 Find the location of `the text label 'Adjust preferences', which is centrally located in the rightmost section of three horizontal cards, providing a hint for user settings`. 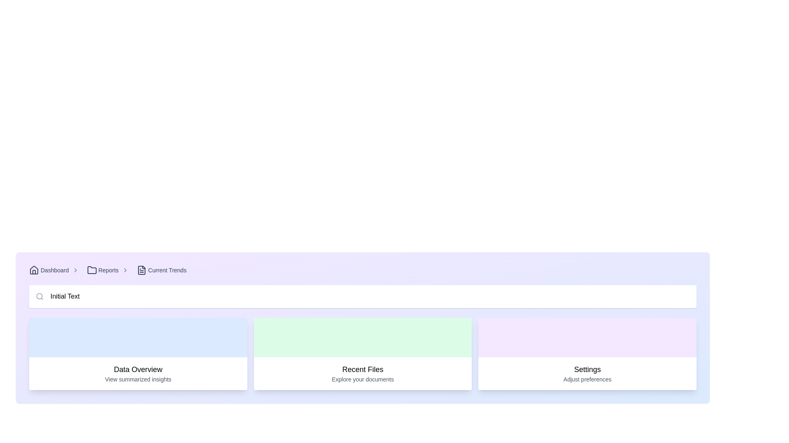

the text label 'Adjust preferences', which is centrally located in the rightmost section of three horizontal cards, providing a hint for user settings is located at coordinates (587, 379).